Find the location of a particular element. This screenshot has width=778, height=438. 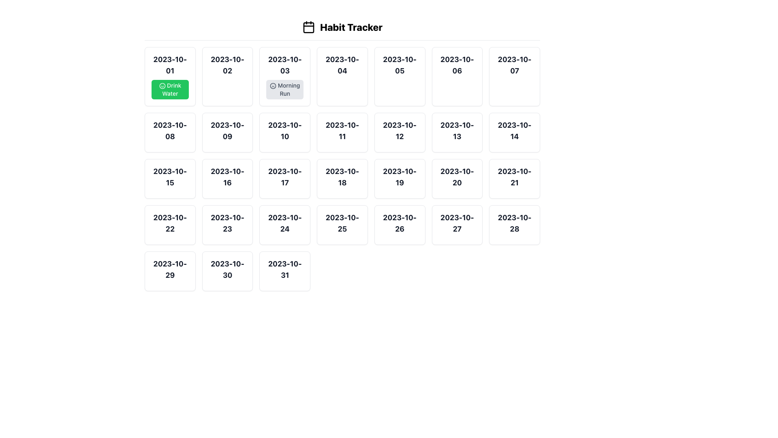

the bold, large text displaying the date '2023-10-15' which is centrally located in a bordered, rounded box in the grid layout is located at coordinates (169, 176).